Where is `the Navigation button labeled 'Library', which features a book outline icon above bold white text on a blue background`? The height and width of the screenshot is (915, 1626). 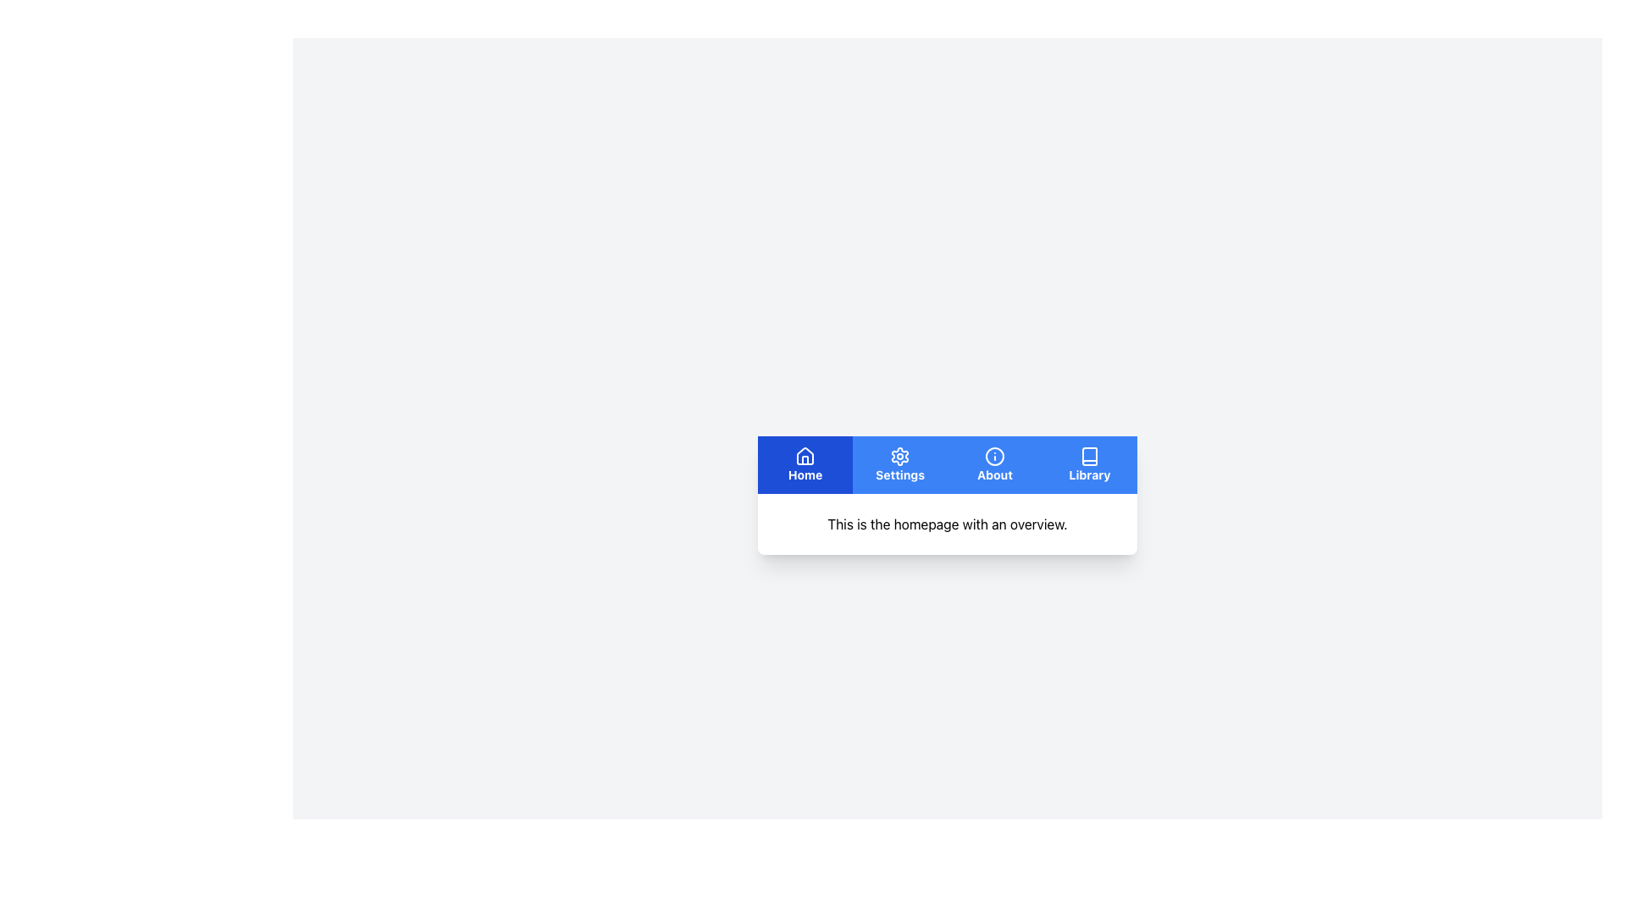 the Navigation button labeled 'Library', which features a book outline icon above bold white text on a blue background is located at coordinates (1089, 464).